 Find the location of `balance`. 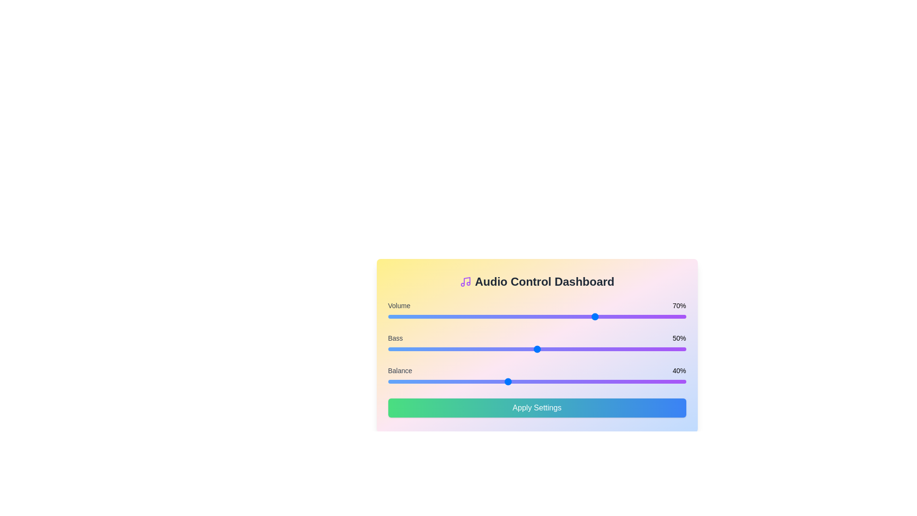

balance is located at coordinates (453, 381).